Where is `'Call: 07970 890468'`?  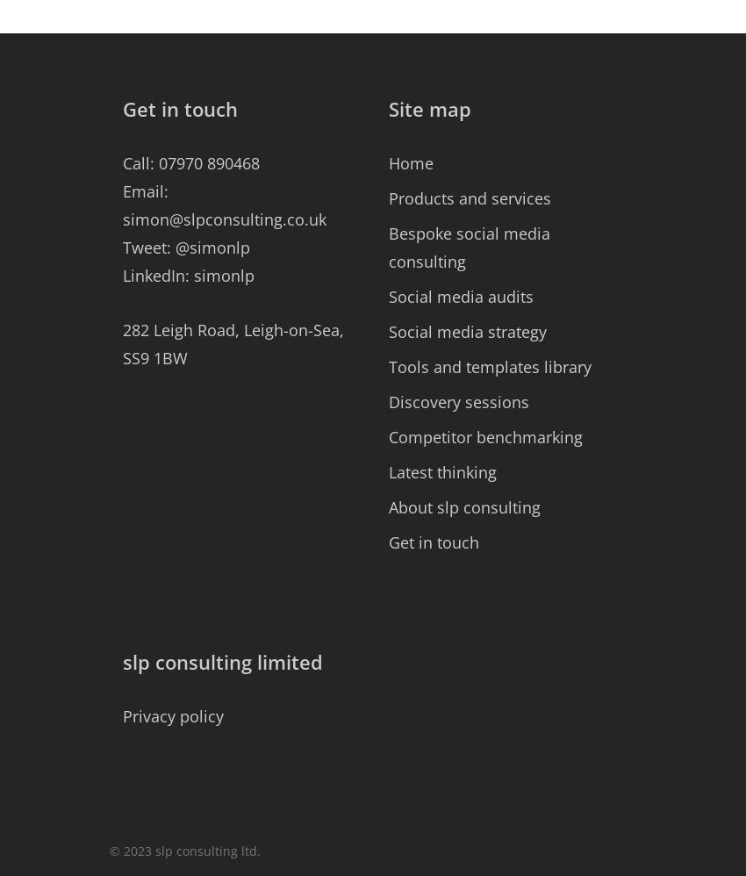 'Call: 07970 890468' is located at coordinates (191, 162).